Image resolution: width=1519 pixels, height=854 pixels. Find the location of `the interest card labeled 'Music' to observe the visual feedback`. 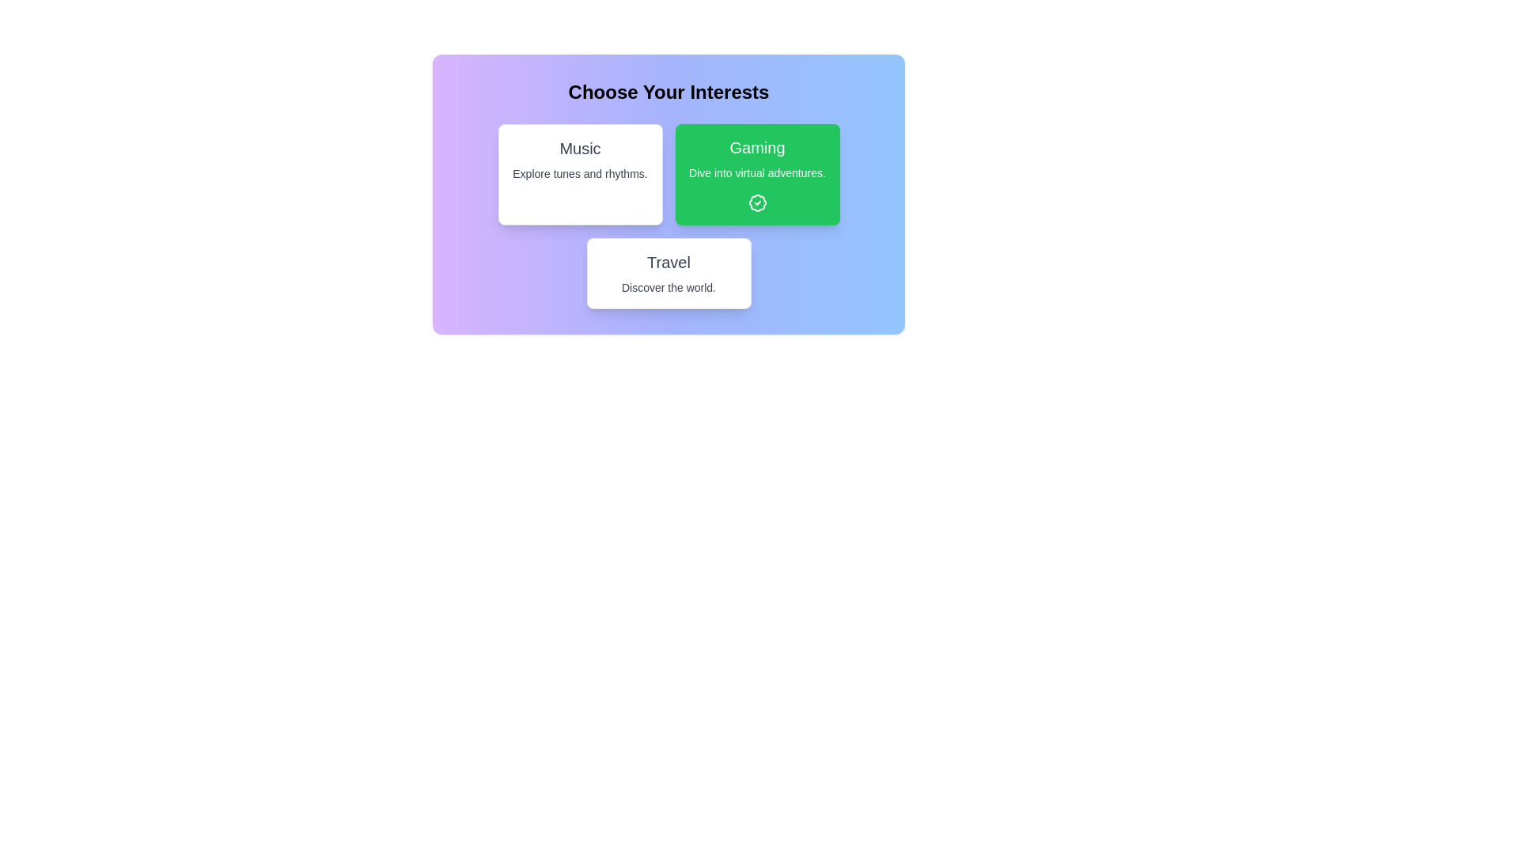

the interest card labeled 'Music' to observe the visual feedback is located at coordinates (579, 174).